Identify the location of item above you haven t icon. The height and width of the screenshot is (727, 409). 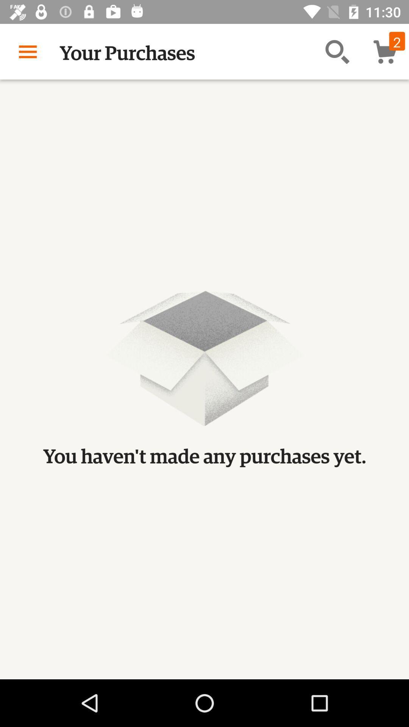
(27, 51).